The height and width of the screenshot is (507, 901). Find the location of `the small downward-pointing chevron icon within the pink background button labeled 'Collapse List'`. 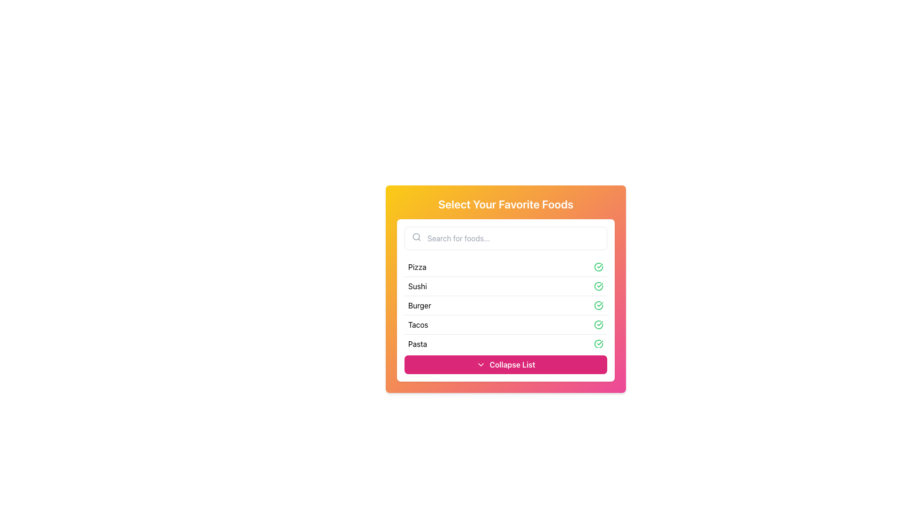

the small downward-pointing chevron icon within the pink background button labeled 'Collapse List' is located at coordinates (481, 364).